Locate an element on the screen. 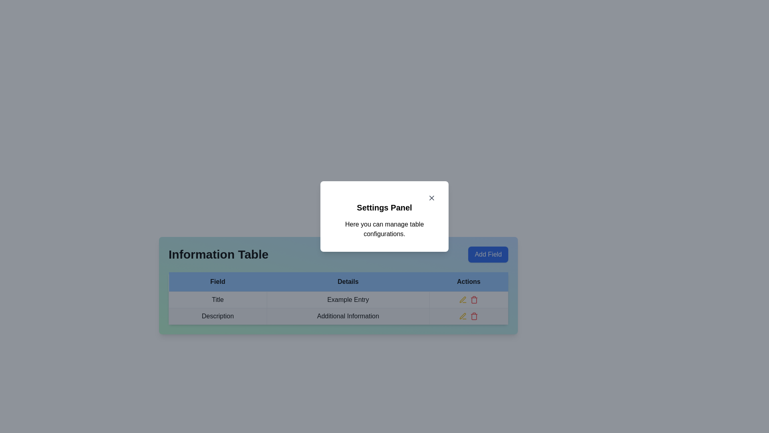 The height and width of the screenshot is (433, 769). the table cell located in the 'Information Table' section is located at coordinates (338, 298).